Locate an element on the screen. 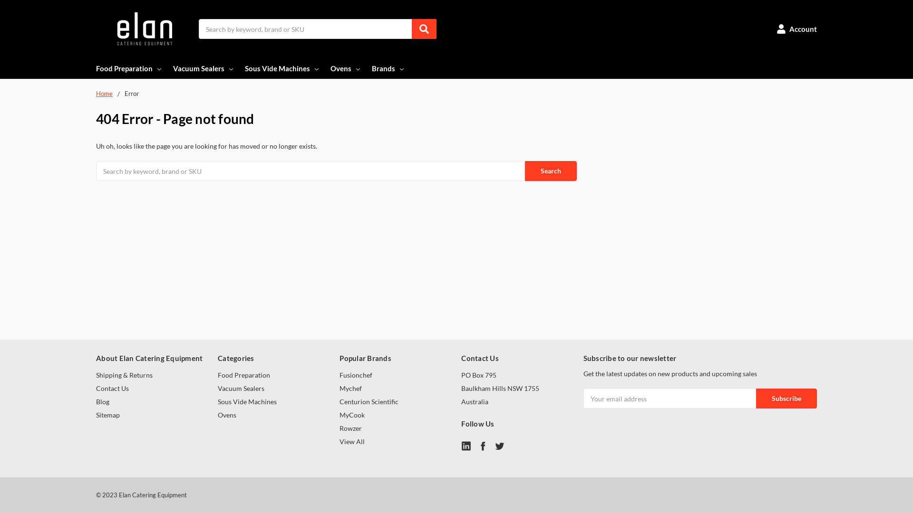  'Brands' is located at coordinates (389, 67).